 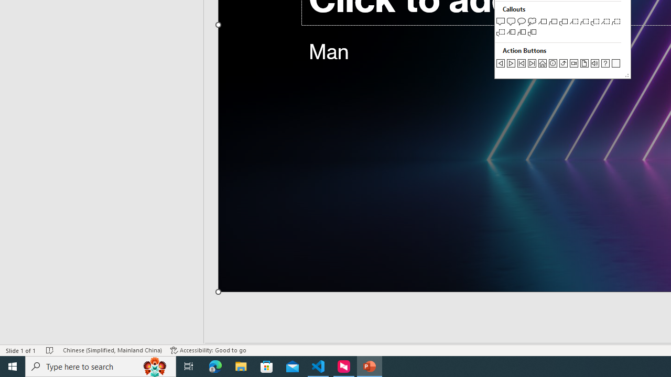 What do you see at coordinates (50, 350) in the screenshot?
I see `'Spell Check No Errors'` at bounding box center [50, 350].